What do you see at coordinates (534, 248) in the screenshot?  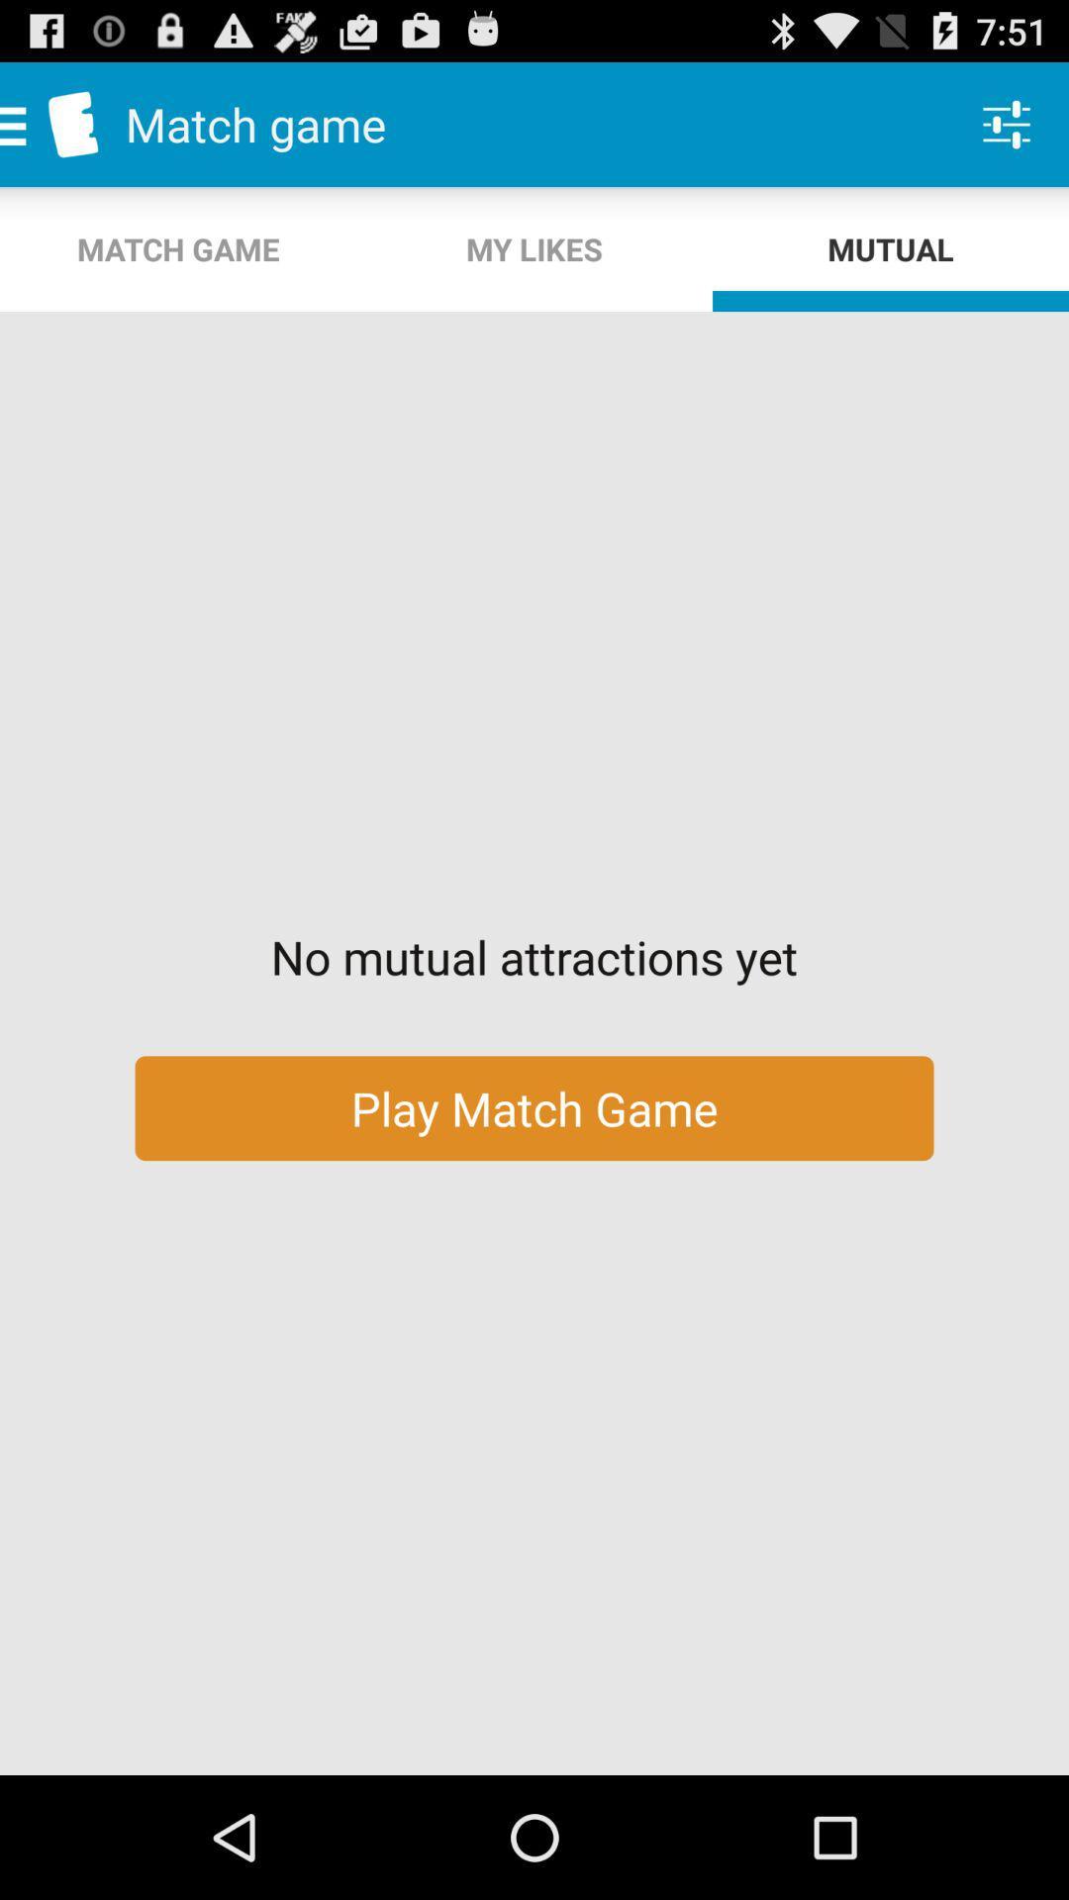 I see `app next to the mutual app` at bounding box center [534, 248].